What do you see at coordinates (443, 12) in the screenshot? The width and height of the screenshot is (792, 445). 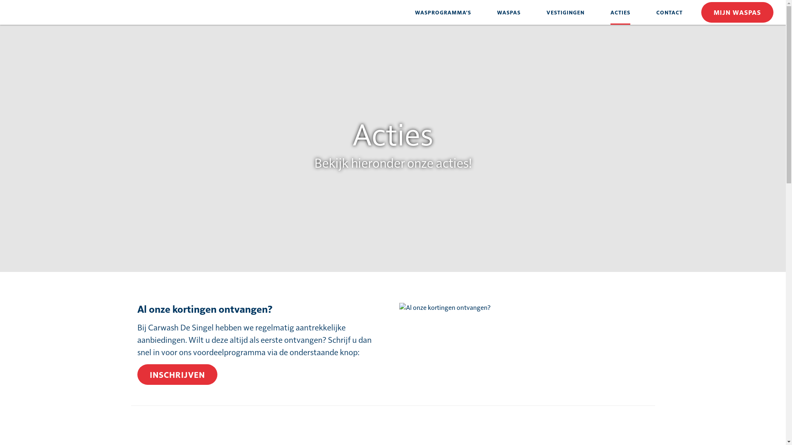 I see `'WASPROGRAMMA'S'` at bounding box center [443, 12].